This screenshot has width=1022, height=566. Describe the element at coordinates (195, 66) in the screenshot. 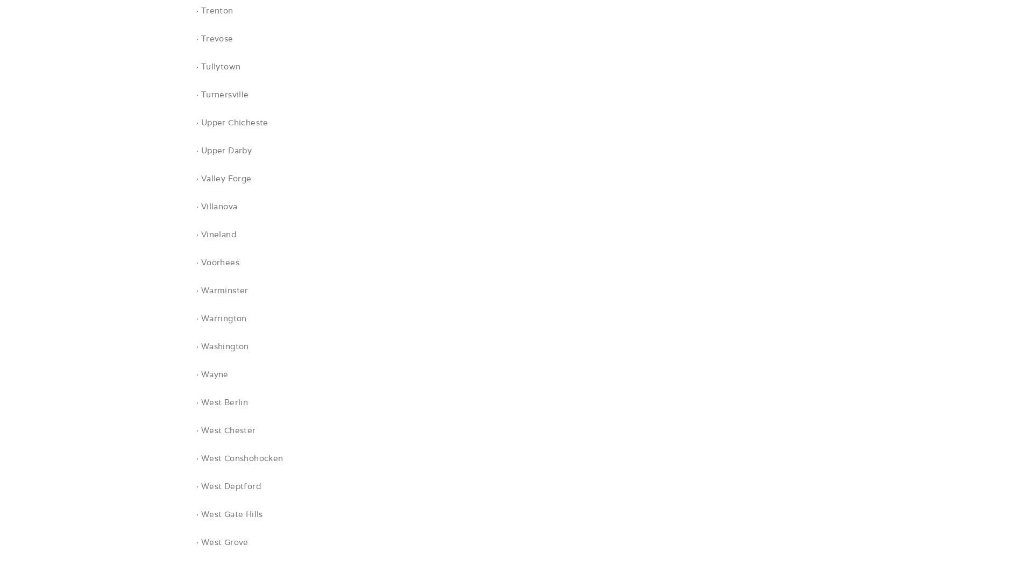

I see `'· Tullytown'` at that location.